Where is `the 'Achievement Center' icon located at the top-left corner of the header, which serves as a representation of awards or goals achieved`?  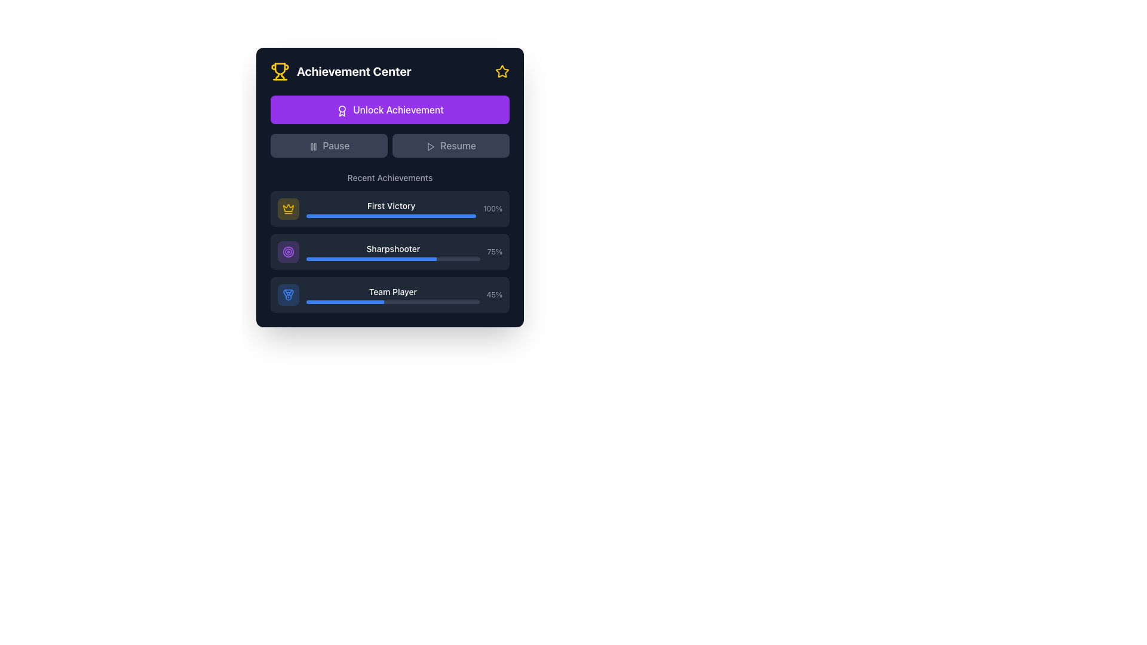 the 'Achievement Center' icon located at the top-left corner of the header, which serves as a representation of awards or goals achieved is located at coordinates (280, 71).